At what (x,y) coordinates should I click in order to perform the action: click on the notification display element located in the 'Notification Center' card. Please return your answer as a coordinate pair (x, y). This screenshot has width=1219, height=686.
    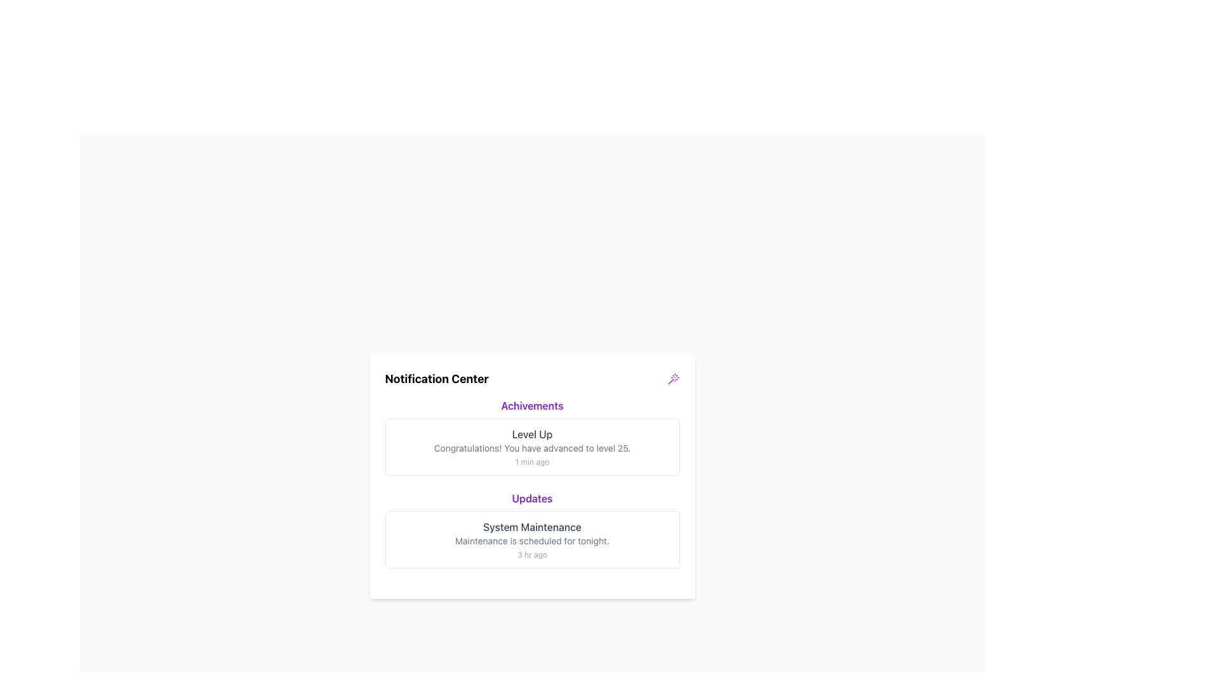
    Looking at the image, I should click on (532, 483).